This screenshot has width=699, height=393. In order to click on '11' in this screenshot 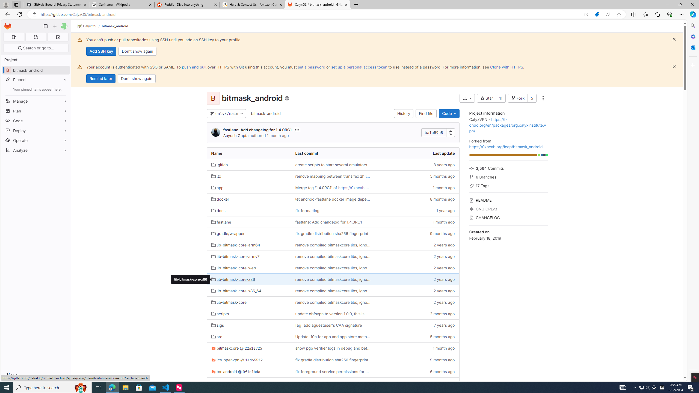, I will do `click(500, 98)`.